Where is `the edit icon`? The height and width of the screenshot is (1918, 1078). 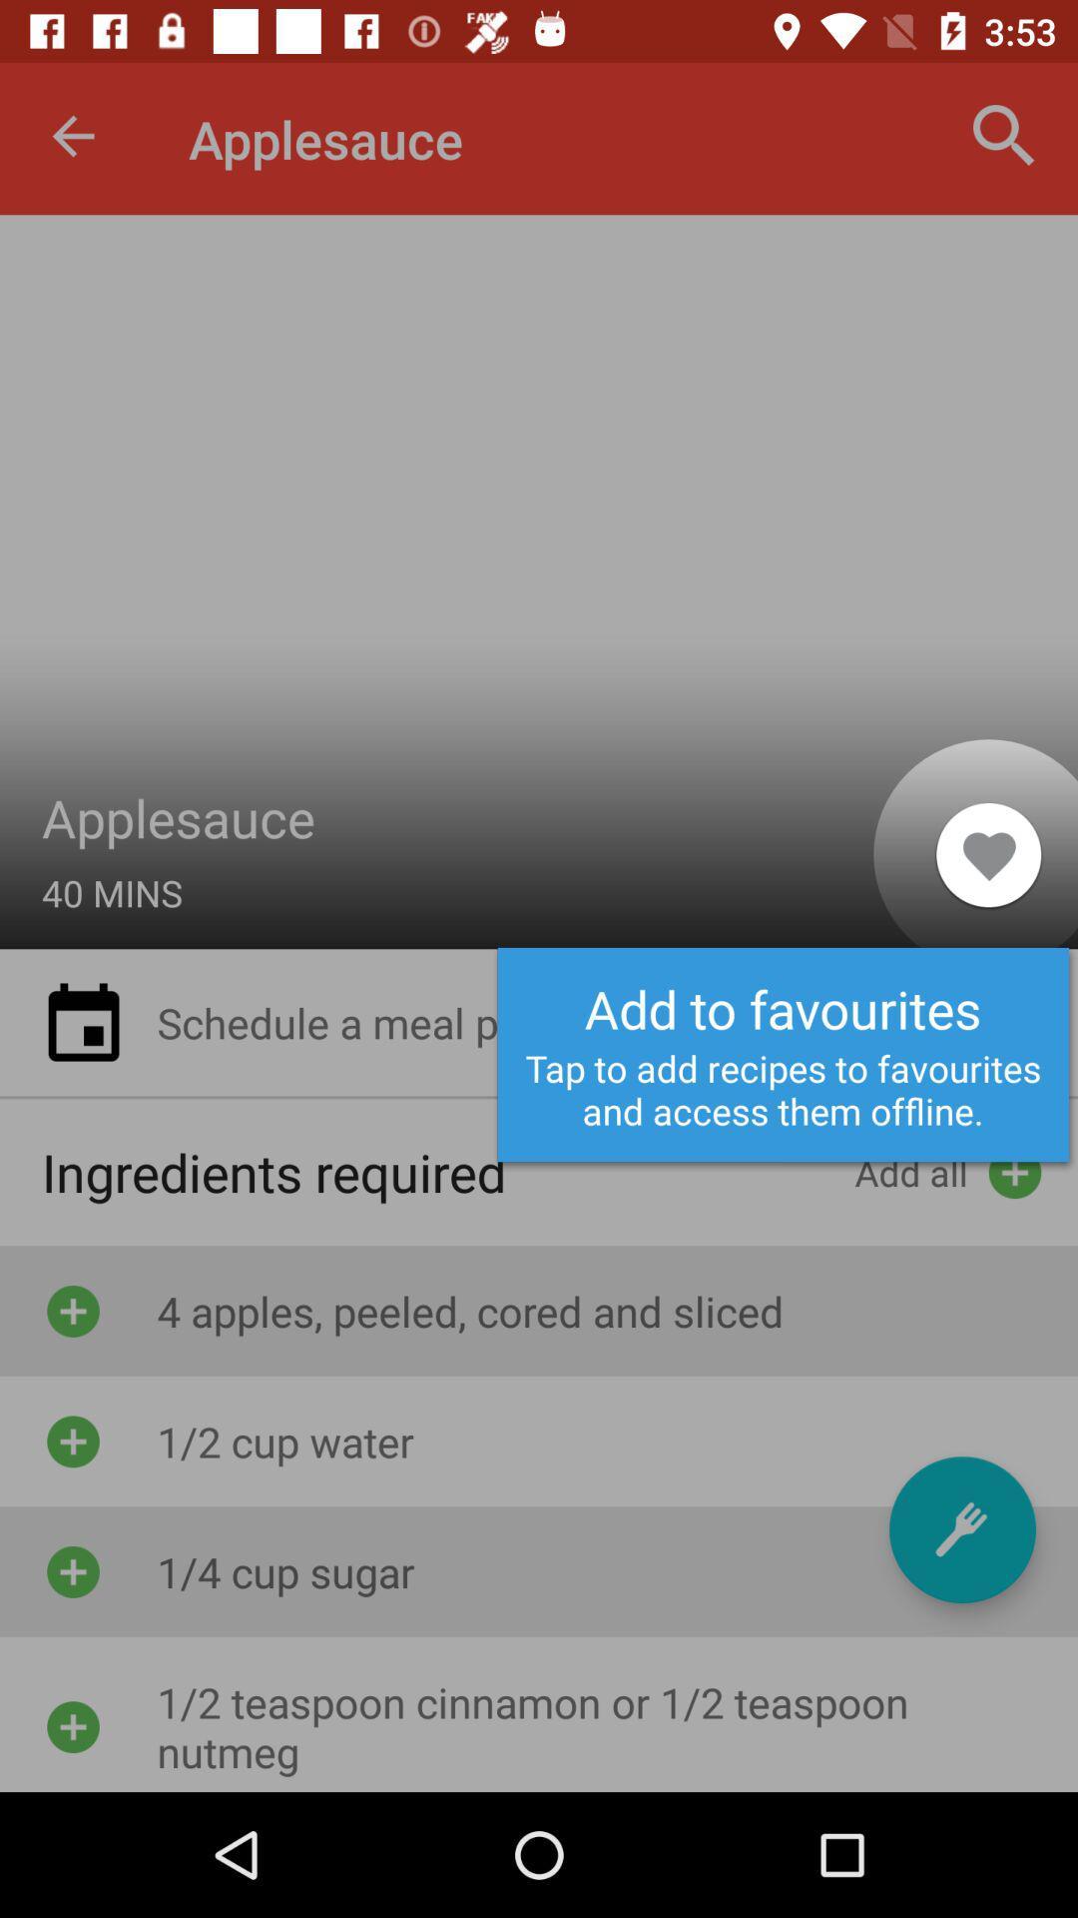
the edit icon is located at coordinates (961, 1528).